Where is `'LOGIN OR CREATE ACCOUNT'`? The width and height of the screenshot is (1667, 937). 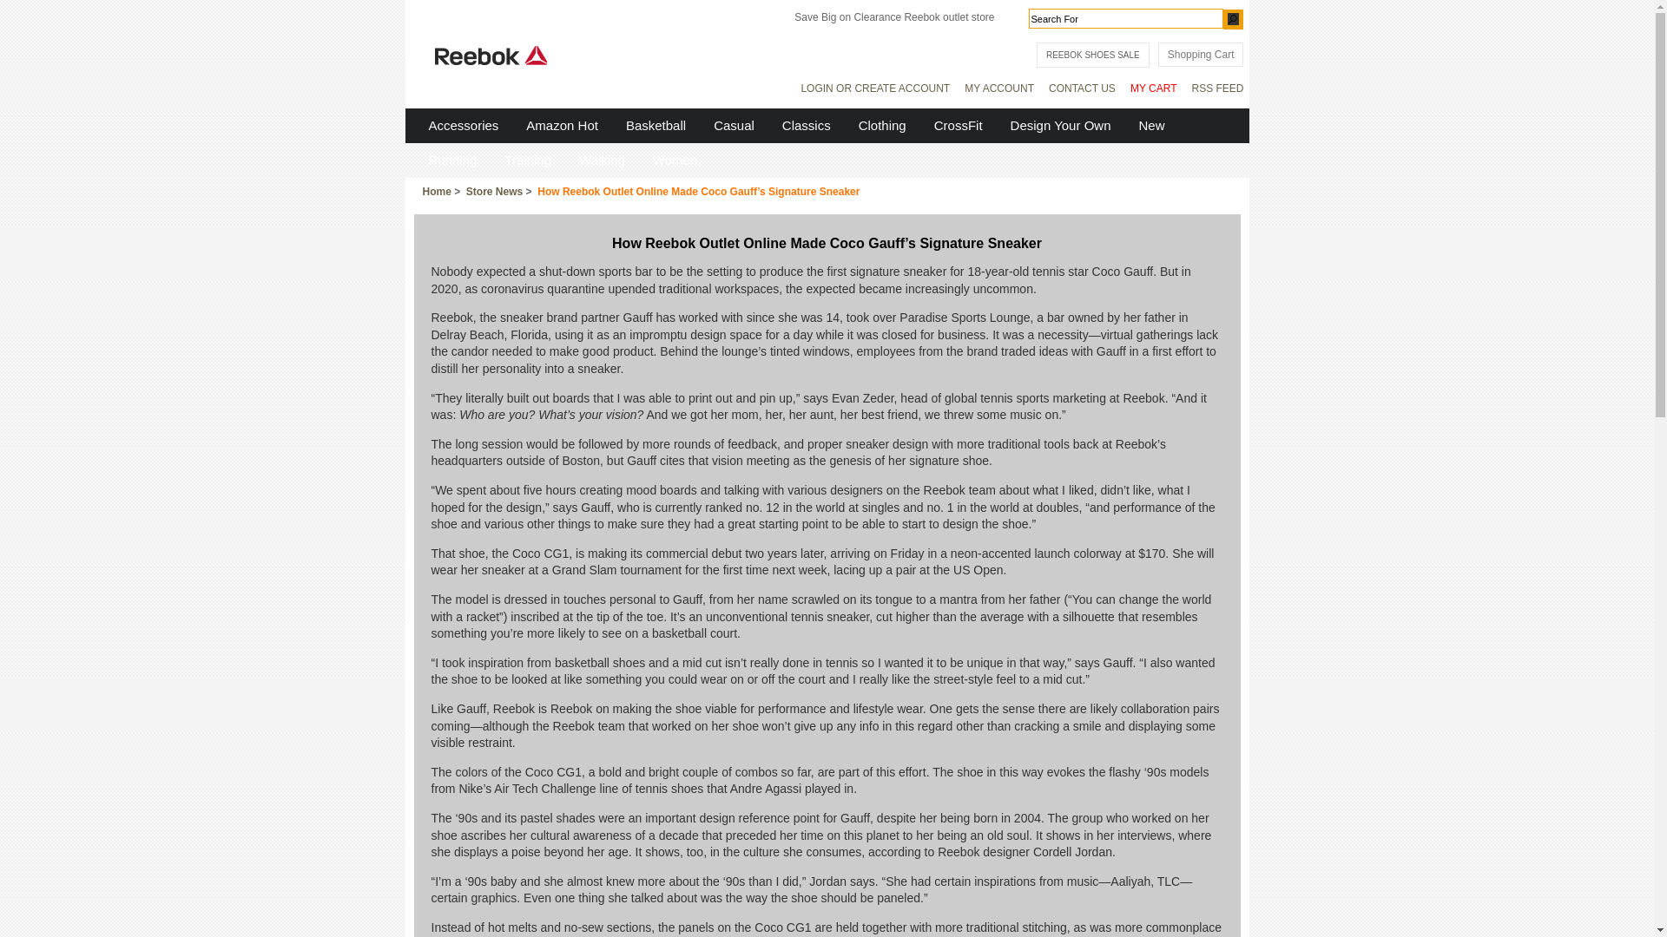 'LOGIN OR CREATE ACCOUNT' is located at coordinates (875, 87).